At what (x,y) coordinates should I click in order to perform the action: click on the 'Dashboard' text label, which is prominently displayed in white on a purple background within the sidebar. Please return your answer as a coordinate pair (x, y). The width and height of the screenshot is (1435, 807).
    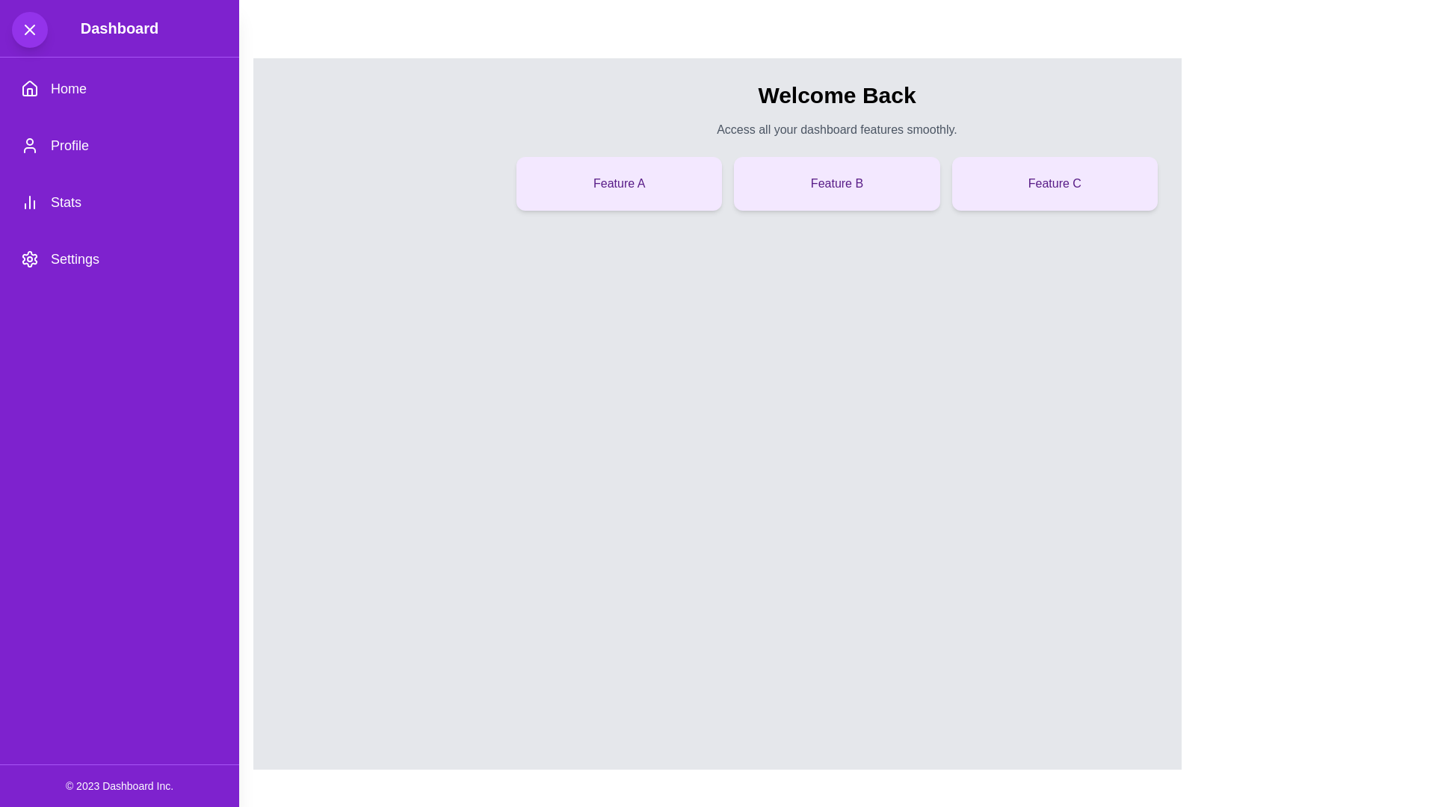
    Looking at the image, I should click on (118, 28).